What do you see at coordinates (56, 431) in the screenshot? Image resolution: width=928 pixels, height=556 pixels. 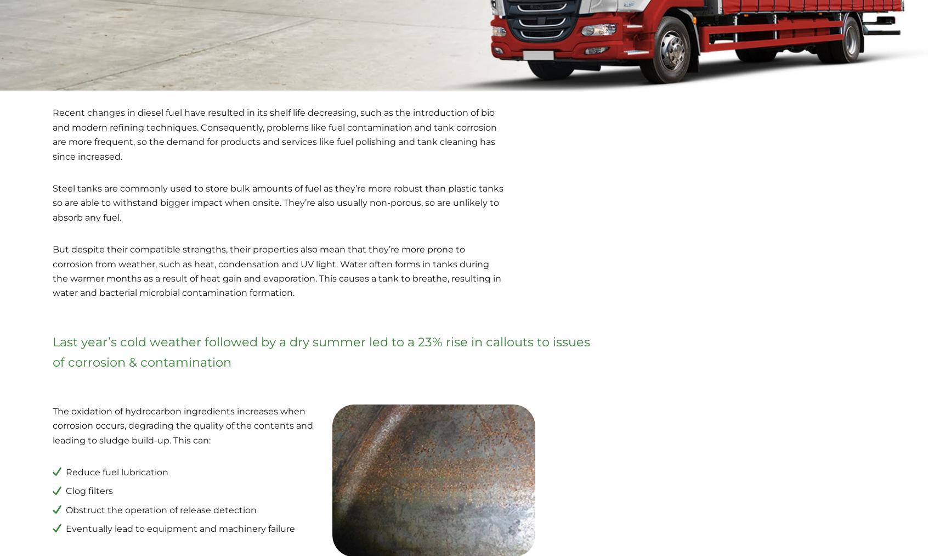 I see `'Fuel Polishing Services'` at bounding box center [56, 431].